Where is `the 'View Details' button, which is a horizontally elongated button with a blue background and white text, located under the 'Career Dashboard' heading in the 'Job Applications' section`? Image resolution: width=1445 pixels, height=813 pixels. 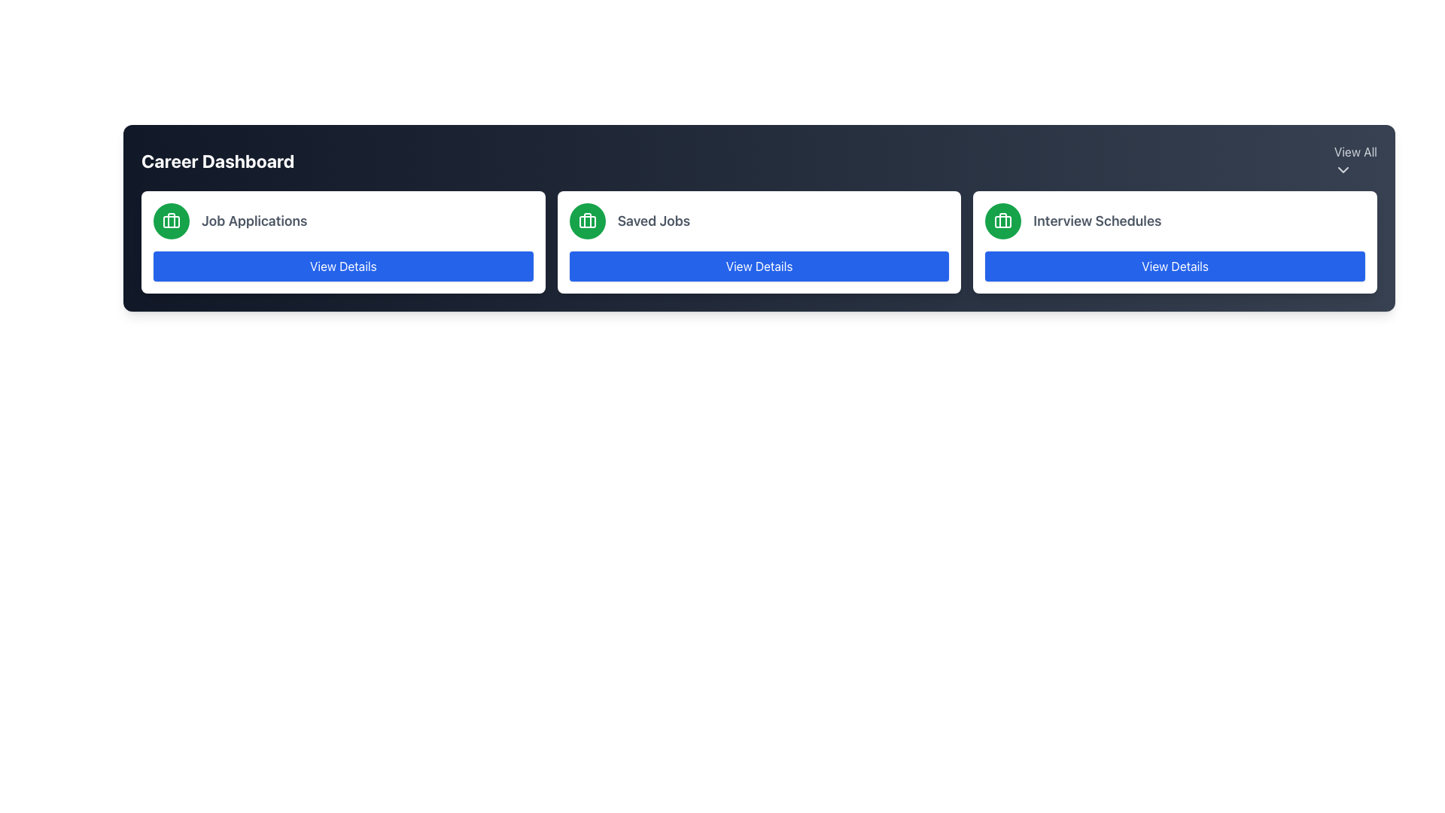
the 'View Details' button, which is a horizontally elongated button with a blue background and white text, located under the 'Career Dashboard' heading in the 'Job Applications' section is located at coordinates (342, 266).